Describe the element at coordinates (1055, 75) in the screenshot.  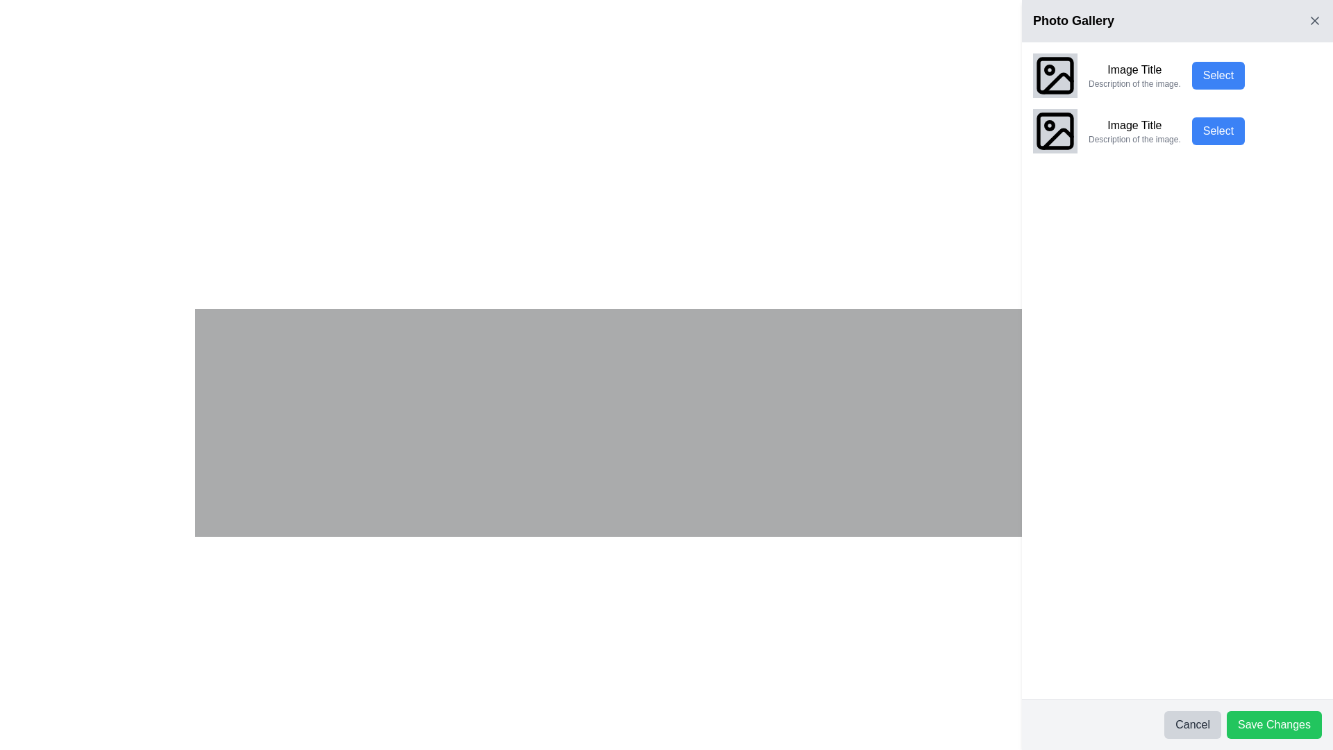
I see `the Decorative graphic element located in the top-right corner of the interface, serving as a structural component within the layout` at that location.